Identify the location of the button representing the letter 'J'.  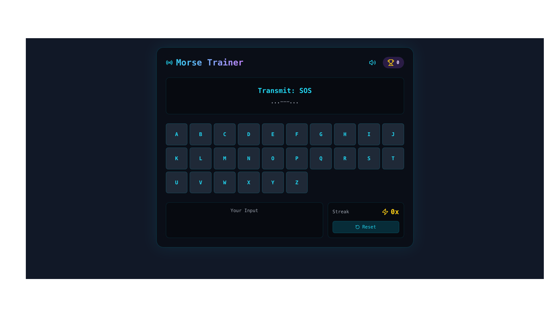
(393, 134).